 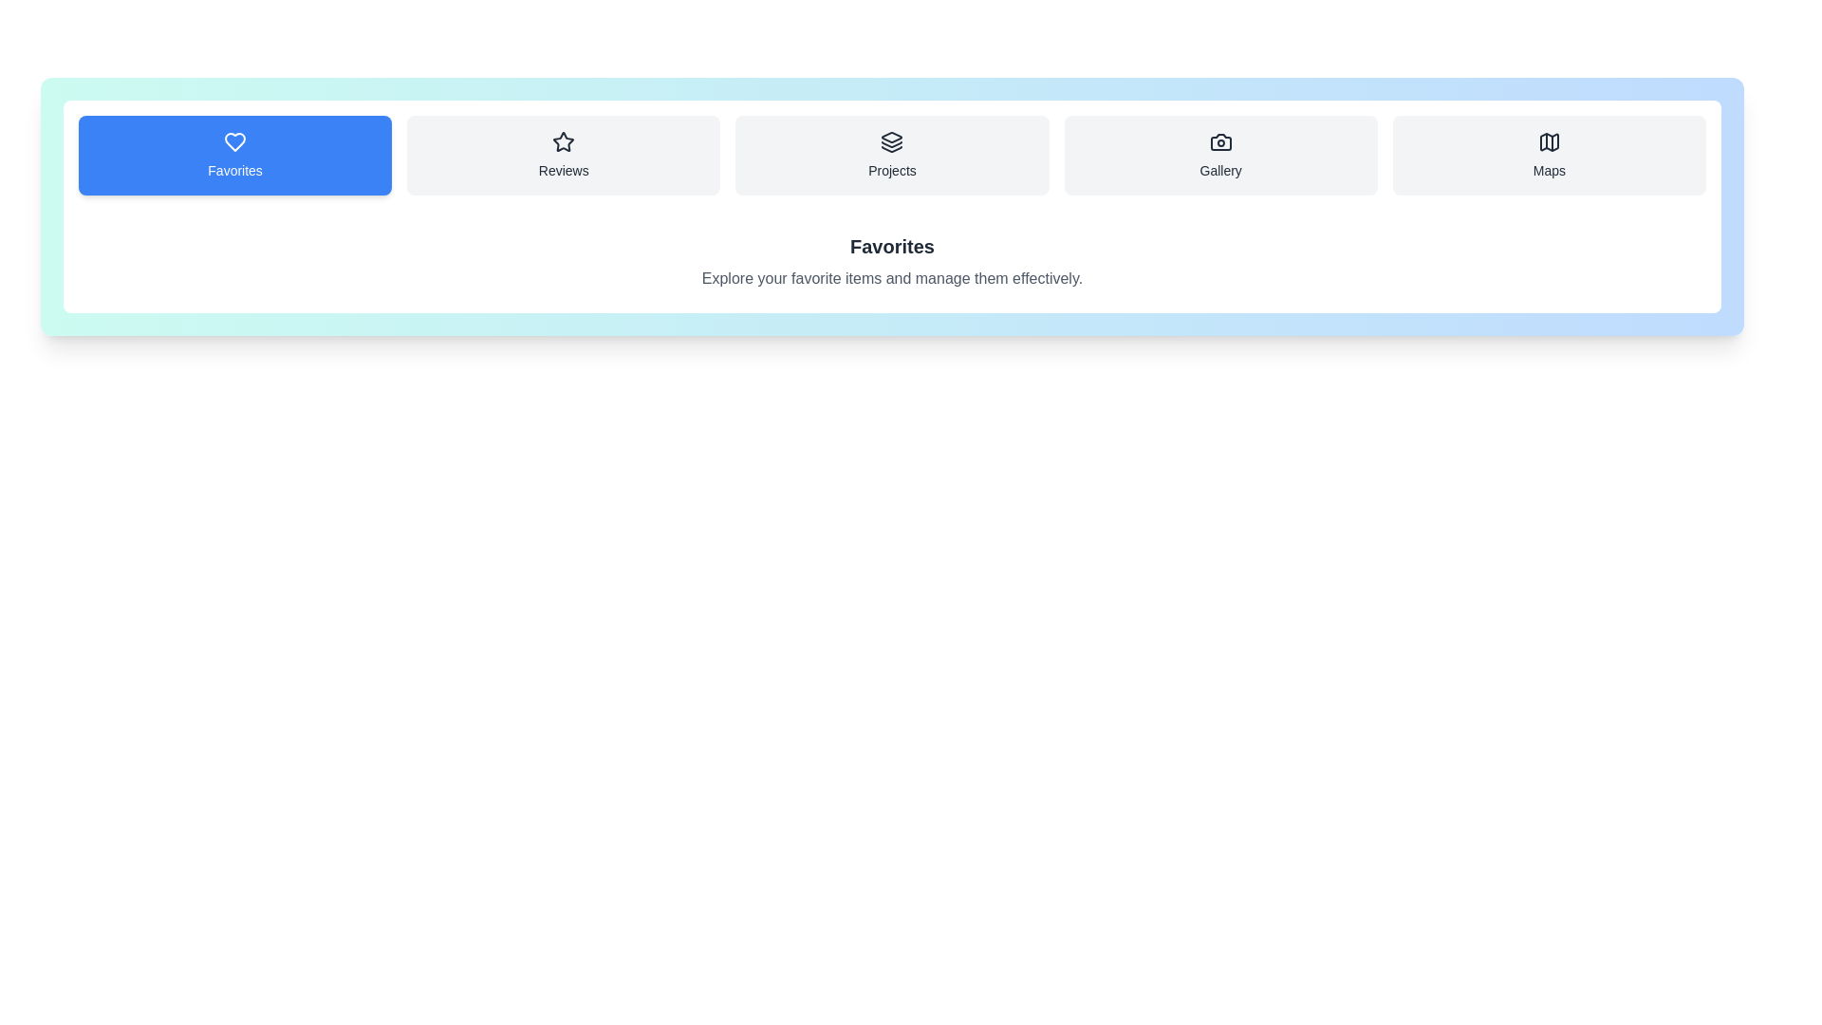 What do you see at coordinates (234, 155) in the screenshot?
I see `the Favorites tab to switch to its content` at bounding box center [234, 155].